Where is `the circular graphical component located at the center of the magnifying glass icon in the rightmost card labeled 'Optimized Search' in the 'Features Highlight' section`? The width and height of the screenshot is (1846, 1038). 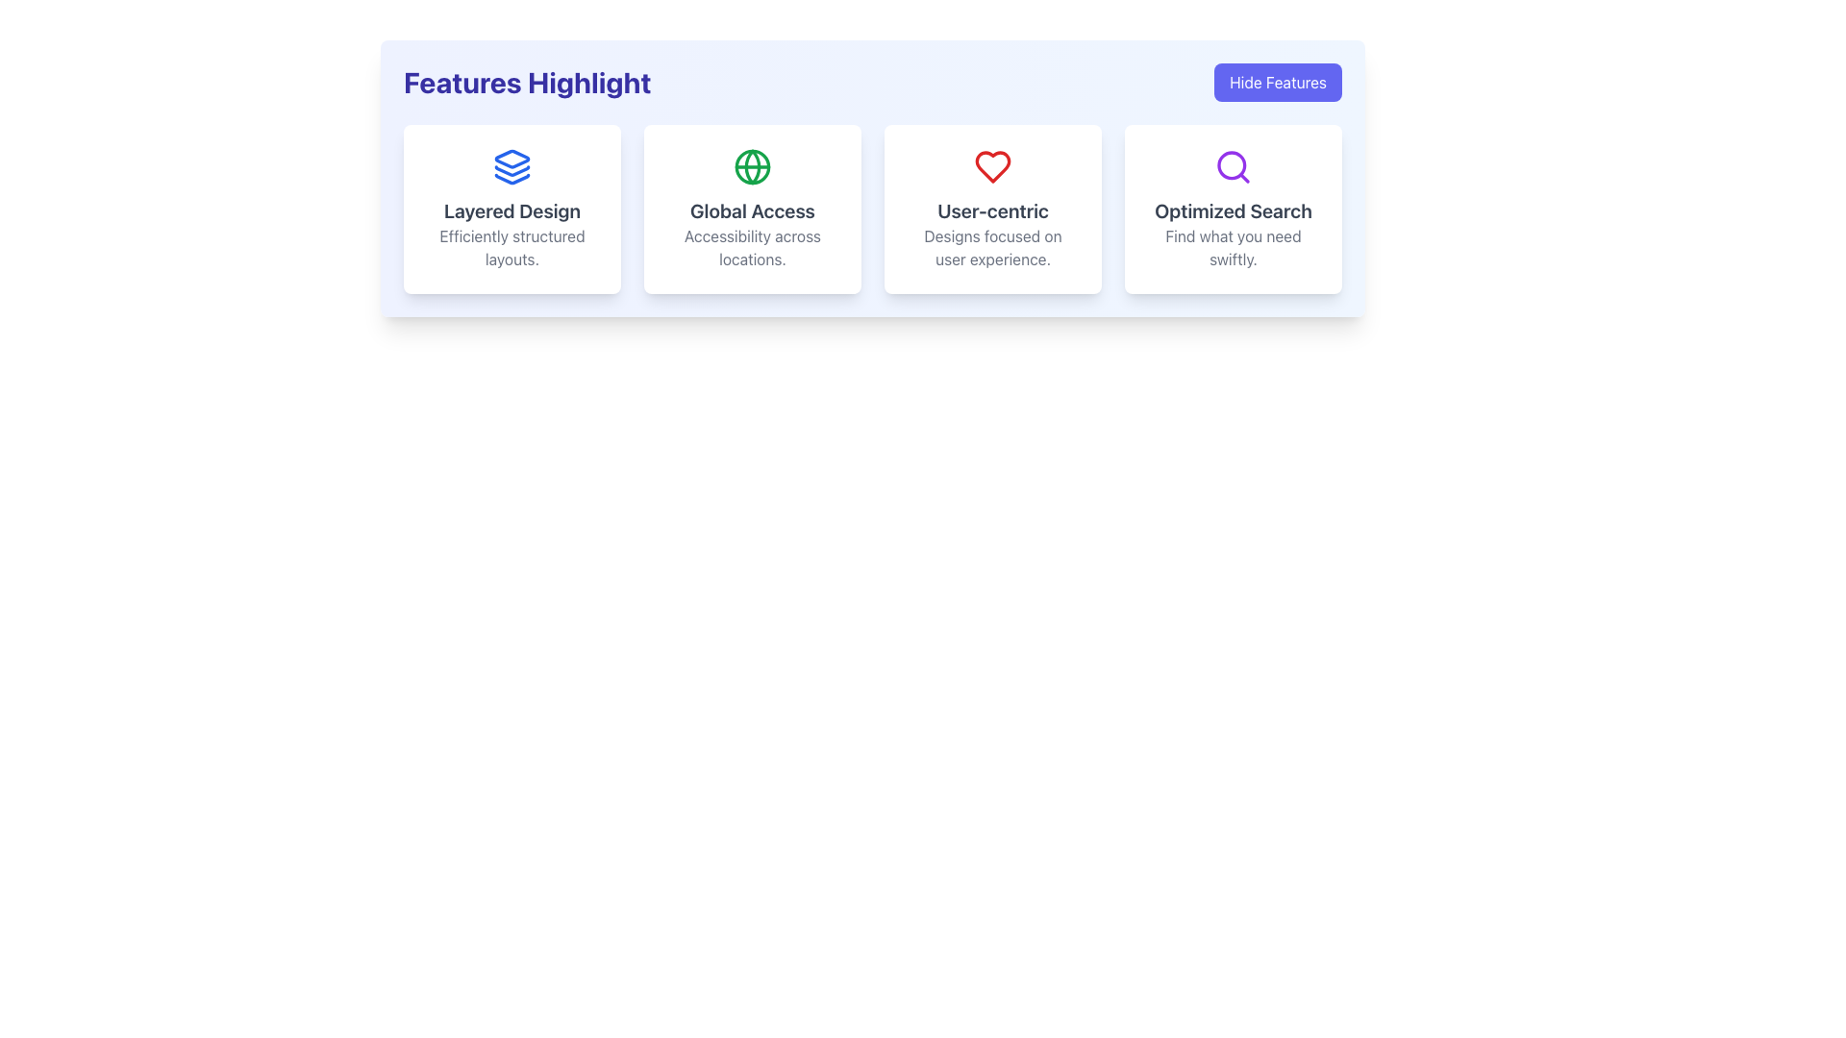
the circular graphical component located at the center of the magnifying glass icon in the rightmost card labeled 'Optimized Search' in the 'Features Highlight' section is located at coordinates (1232, 164).